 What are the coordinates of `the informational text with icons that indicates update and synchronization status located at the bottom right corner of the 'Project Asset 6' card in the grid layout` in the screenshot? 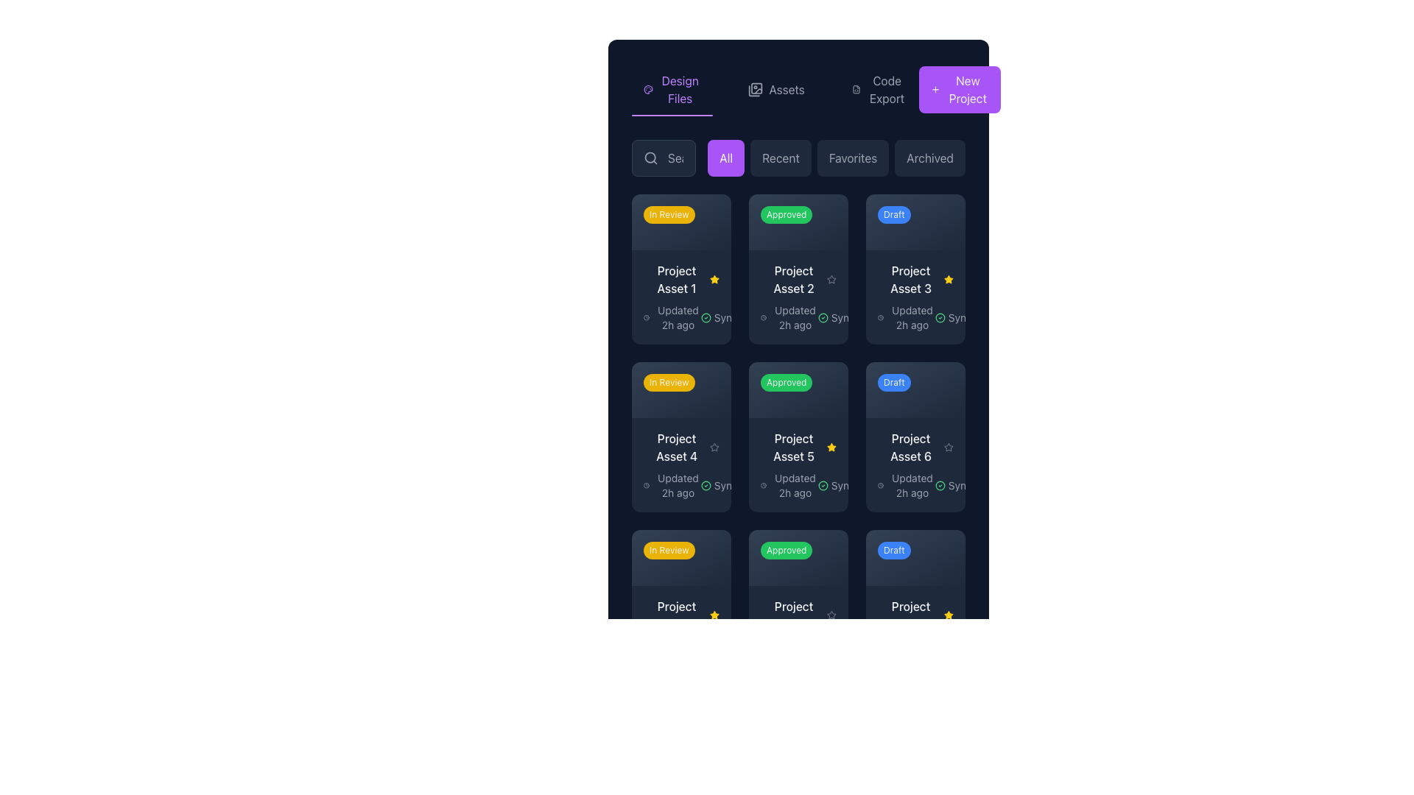 It's located at (915, 485).